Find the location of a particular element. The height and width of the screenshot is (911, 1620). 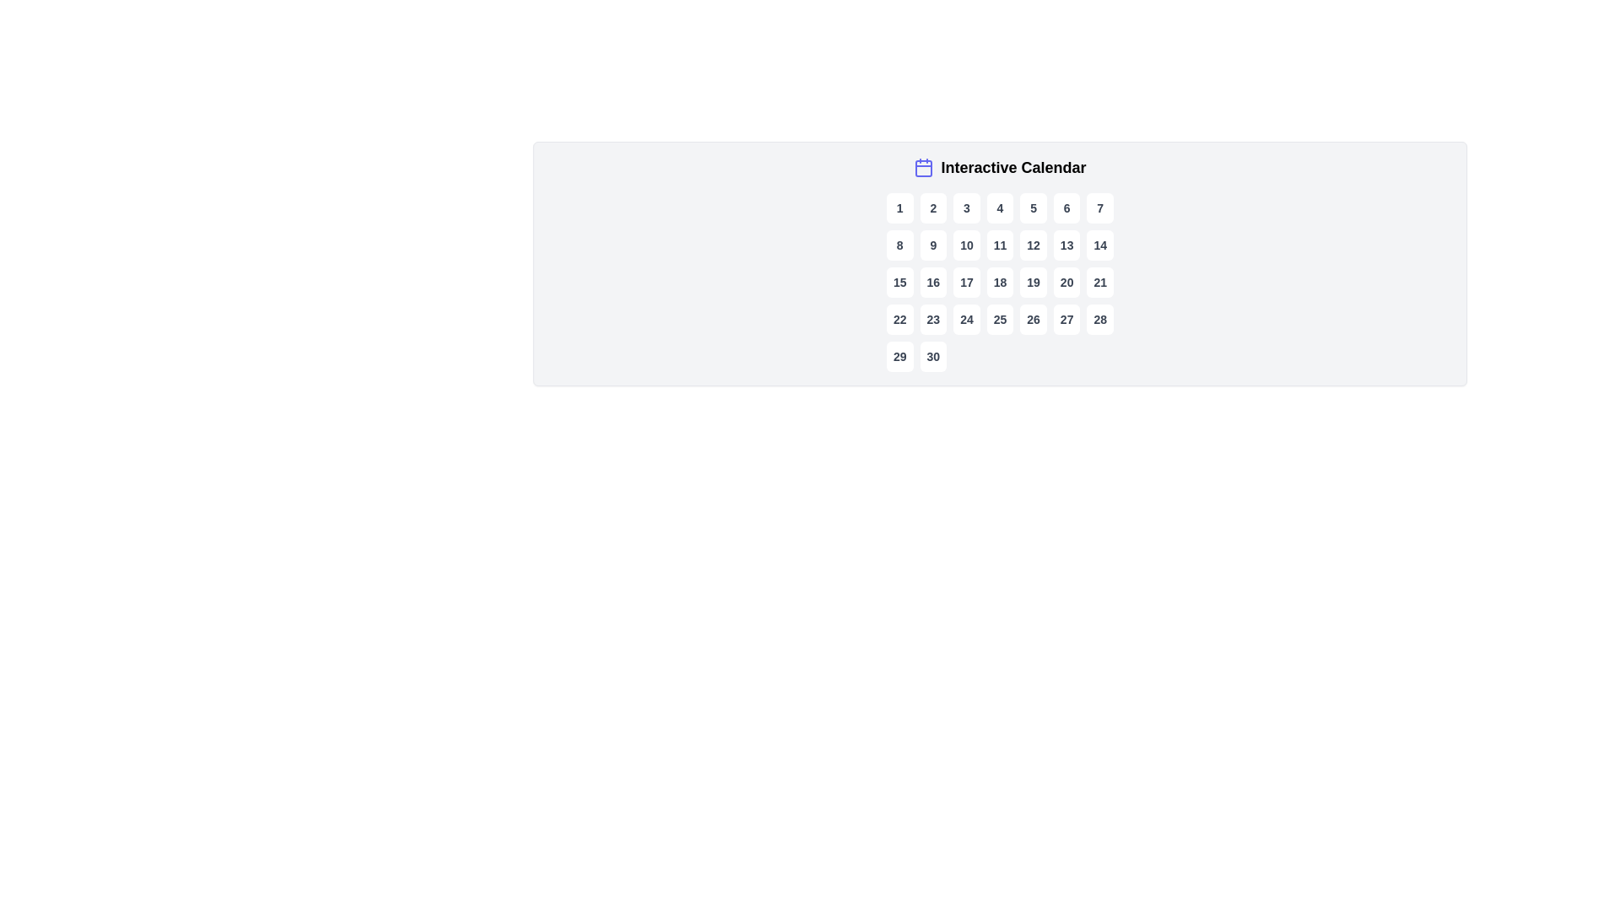

the button representing the 19th day in the calendar is located at coordinates (1033, 282).